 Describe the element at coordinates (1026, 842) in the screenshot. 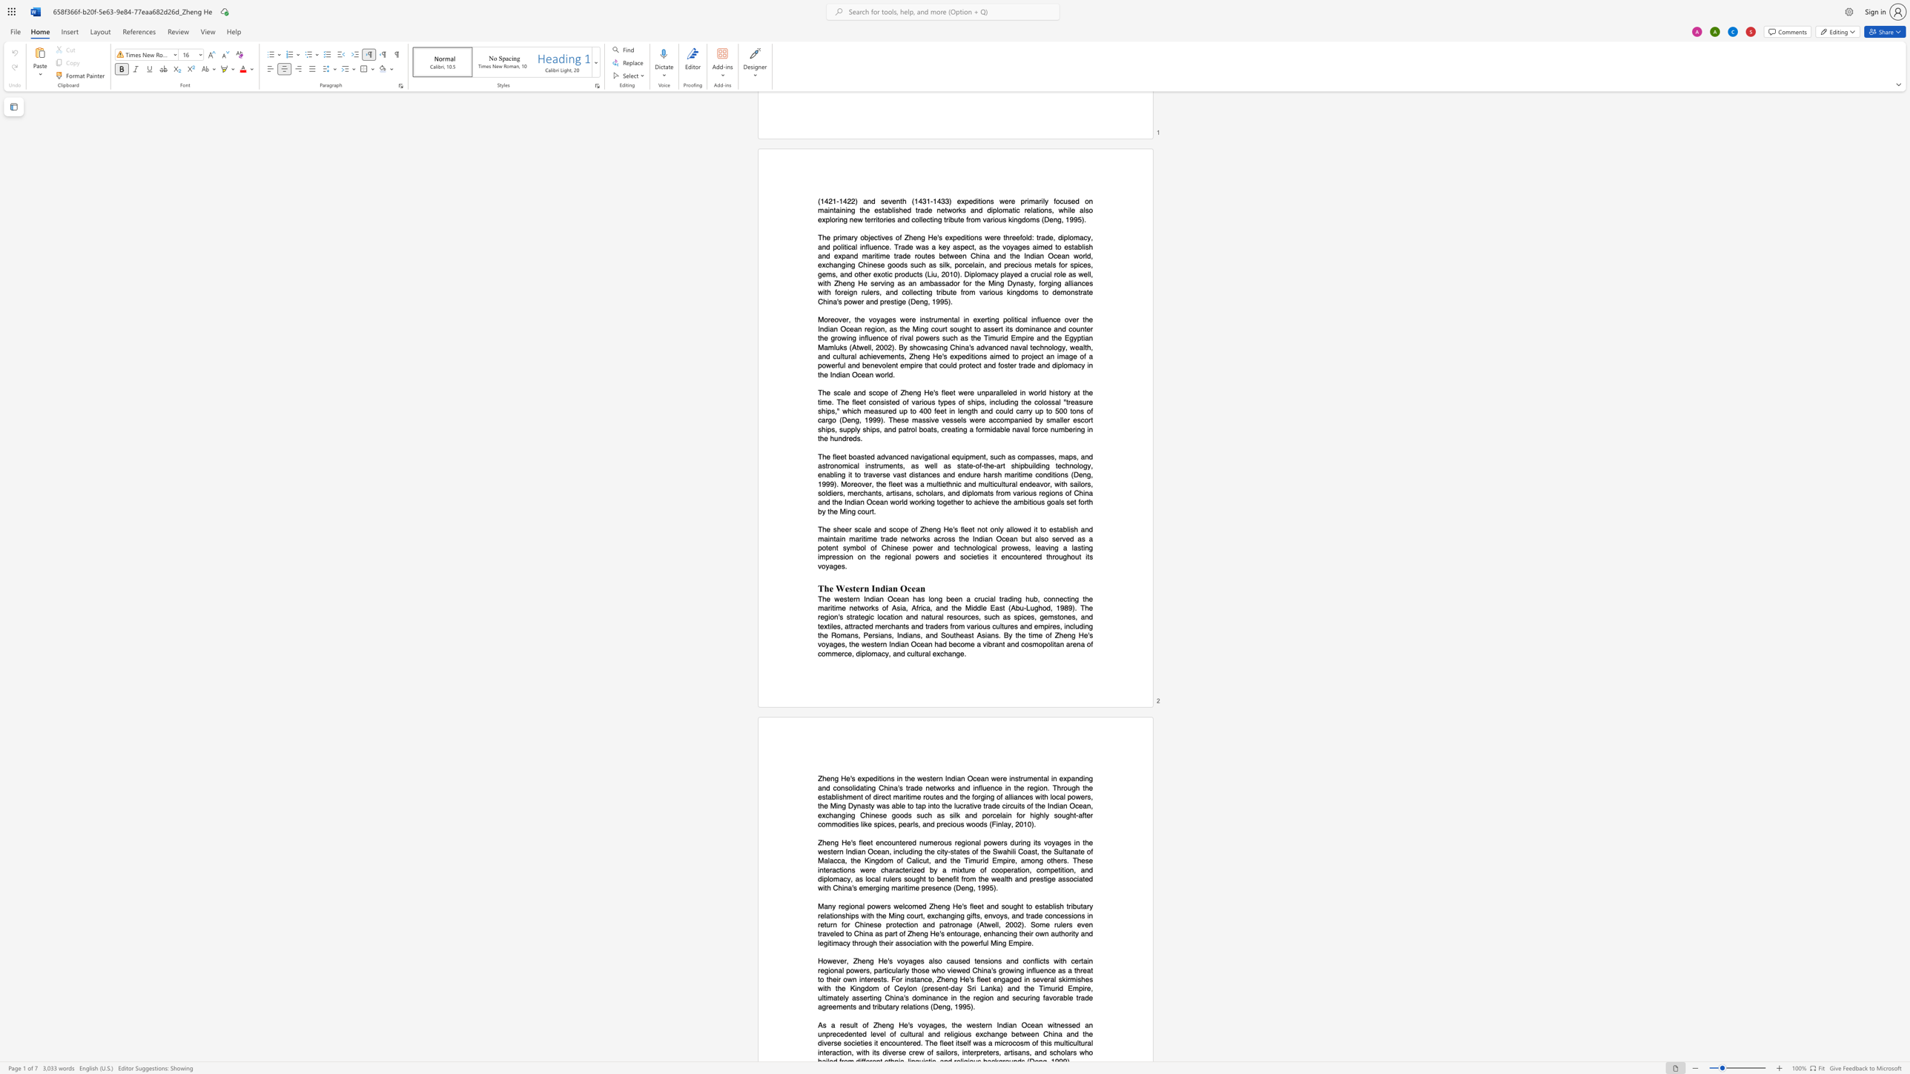

I see `the subset text "g its voyages in the" within the text "regional powers during its voyages in the western Indian Ocean, including the city-states of the Swahili Coast, the Sultanate of Malacca, the Kingdom of"` at that location.